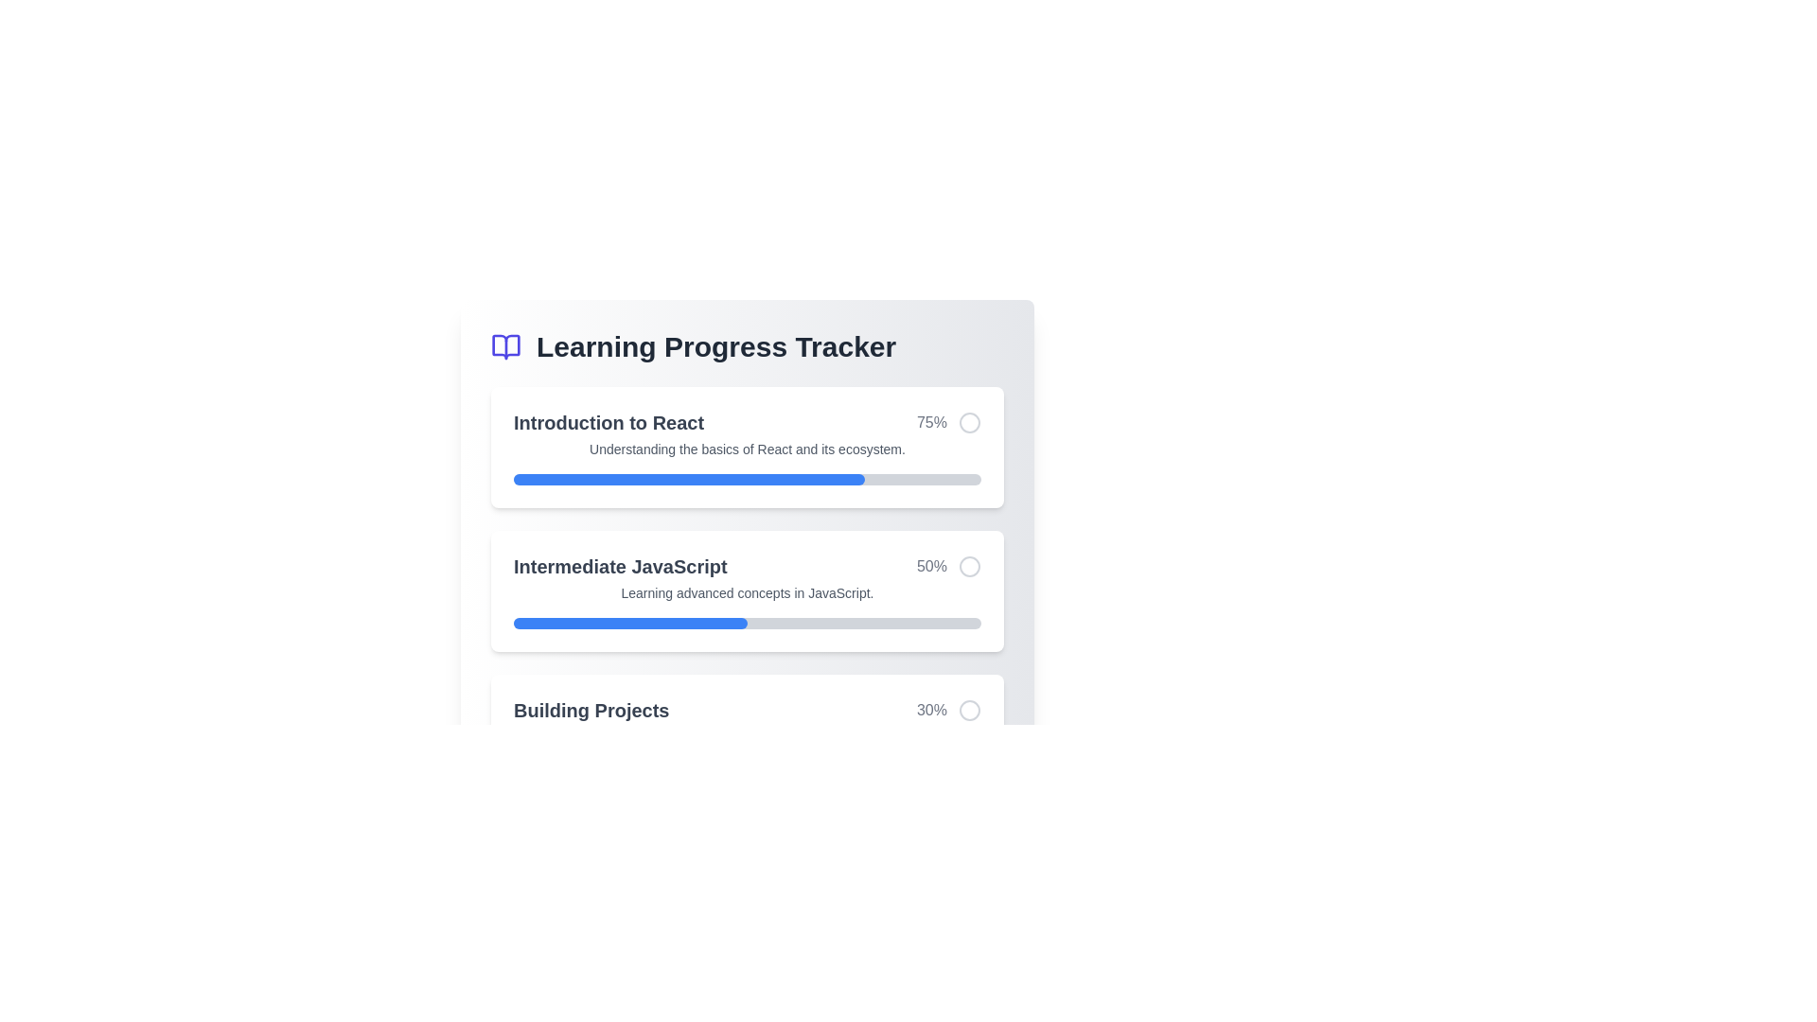  Describe the element at coordinates (747, 624) in the screenshot. I see `on the Progress Bar indicating 50% completion of the 'Intermediate JavaScript' course, located below the text 'Learning advanced concepts in JavaScript'` at that location.